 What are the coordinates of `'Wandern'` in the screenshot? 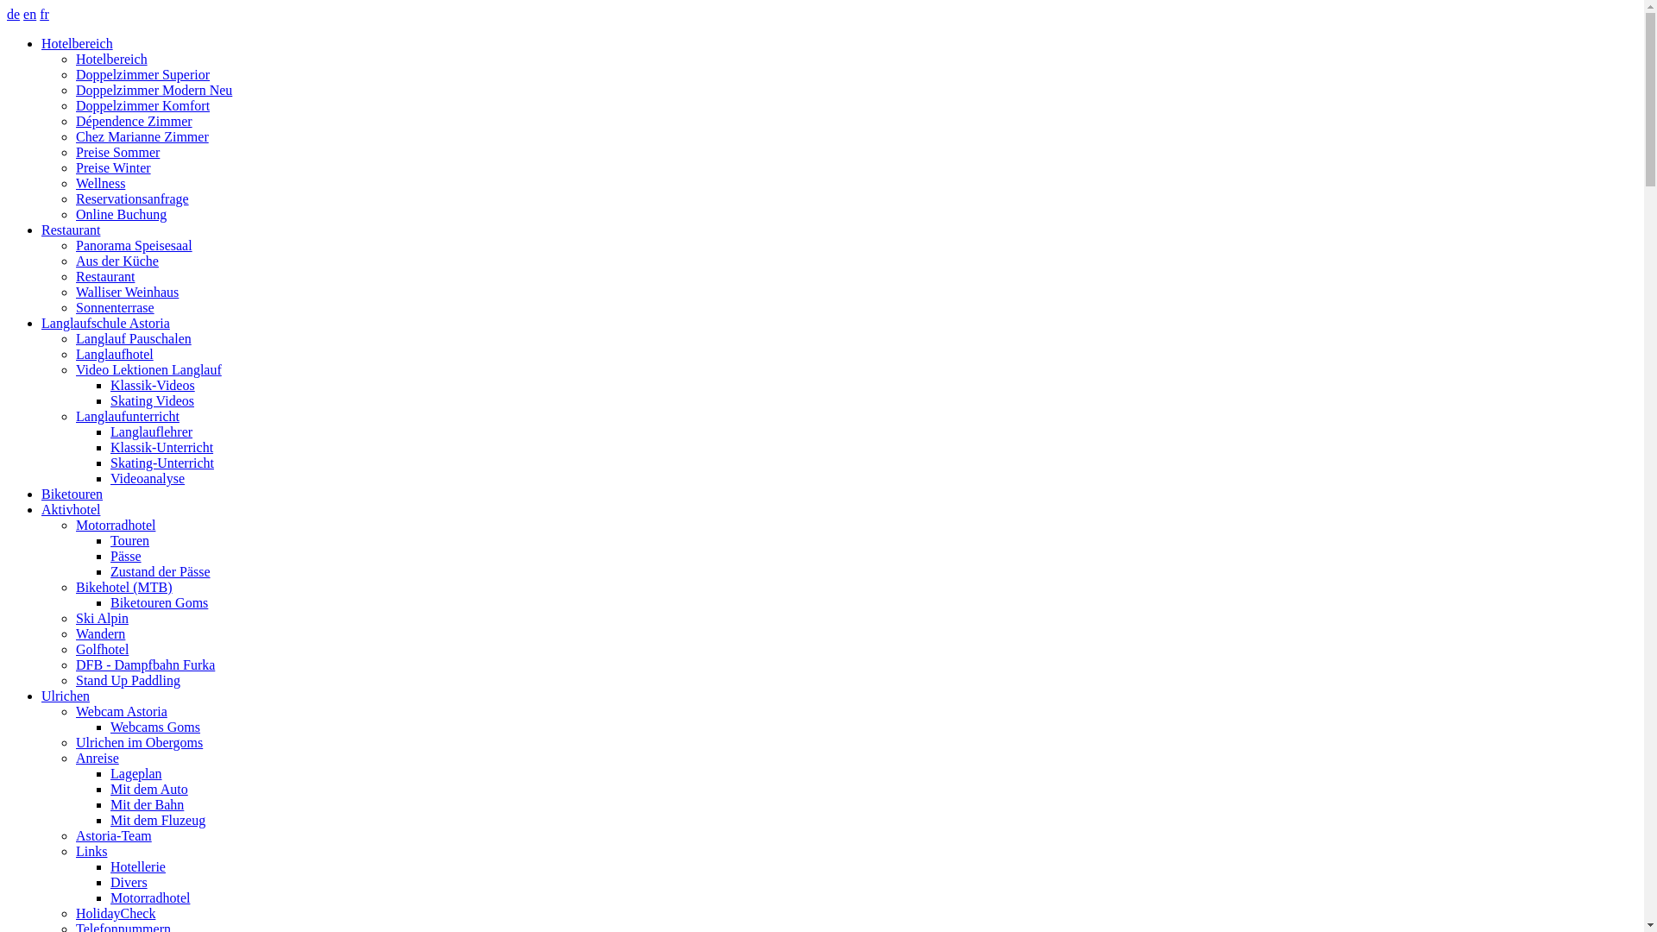 It's located at (99, 633).